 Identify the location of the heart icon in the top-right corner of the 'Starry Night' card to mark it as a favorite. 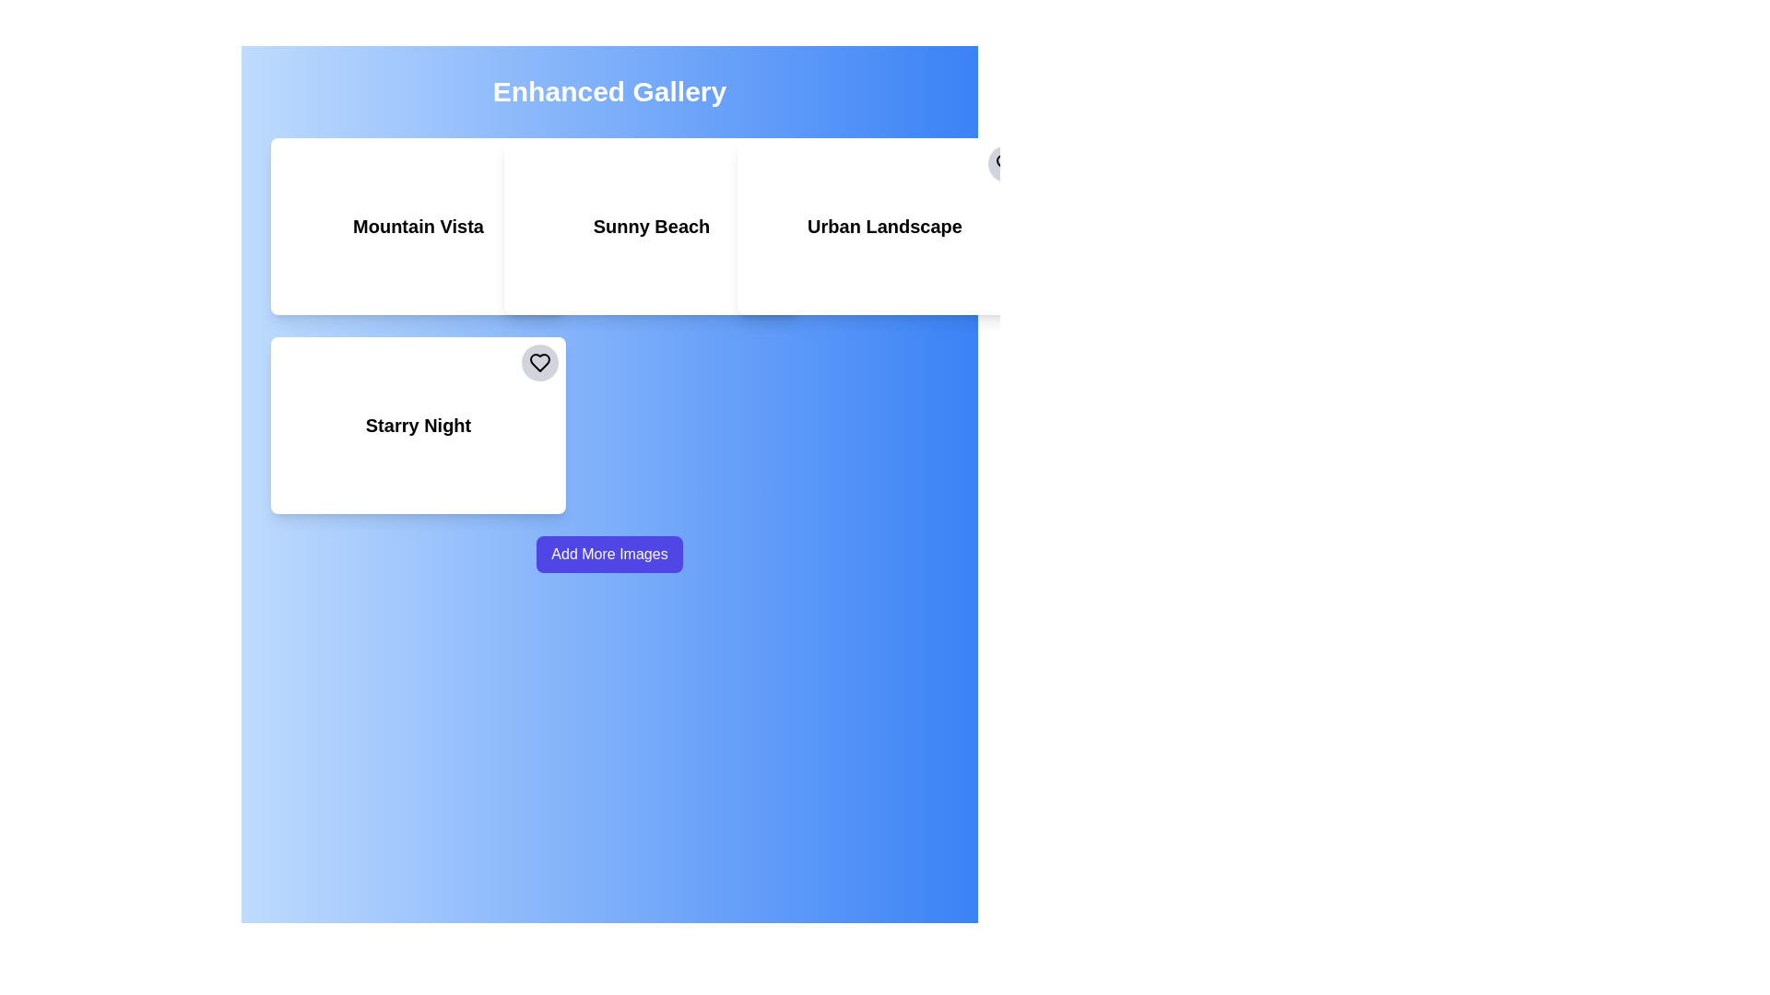
(538, 362).